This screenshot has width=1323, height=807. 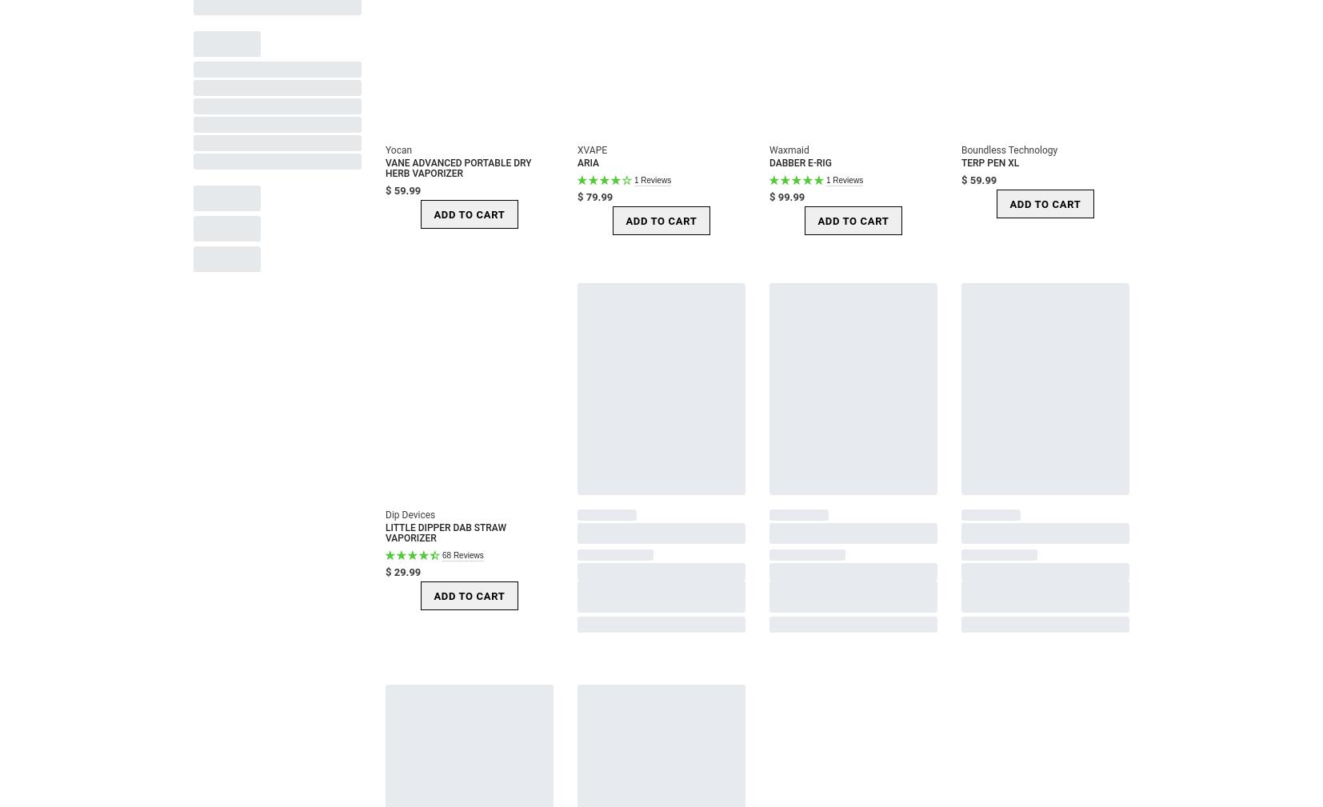 I want to click on 'Puffco Plus', so click(x=235, y=477).